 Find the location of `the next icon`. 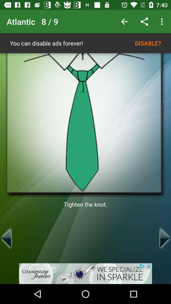

the next icon is located at coordinates (165, 238).